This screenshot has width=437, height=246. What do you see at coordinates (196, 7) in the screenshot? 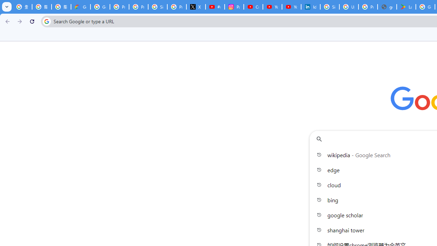
I see `'X'` at bounding box center [196, 7].